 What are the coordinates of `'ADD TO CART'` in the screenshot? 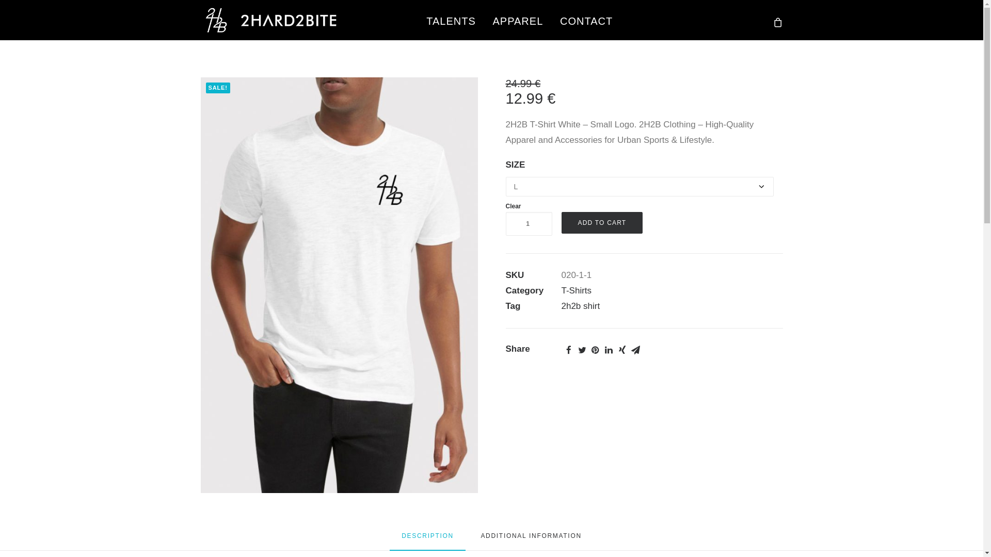 It's located at (602, 222).